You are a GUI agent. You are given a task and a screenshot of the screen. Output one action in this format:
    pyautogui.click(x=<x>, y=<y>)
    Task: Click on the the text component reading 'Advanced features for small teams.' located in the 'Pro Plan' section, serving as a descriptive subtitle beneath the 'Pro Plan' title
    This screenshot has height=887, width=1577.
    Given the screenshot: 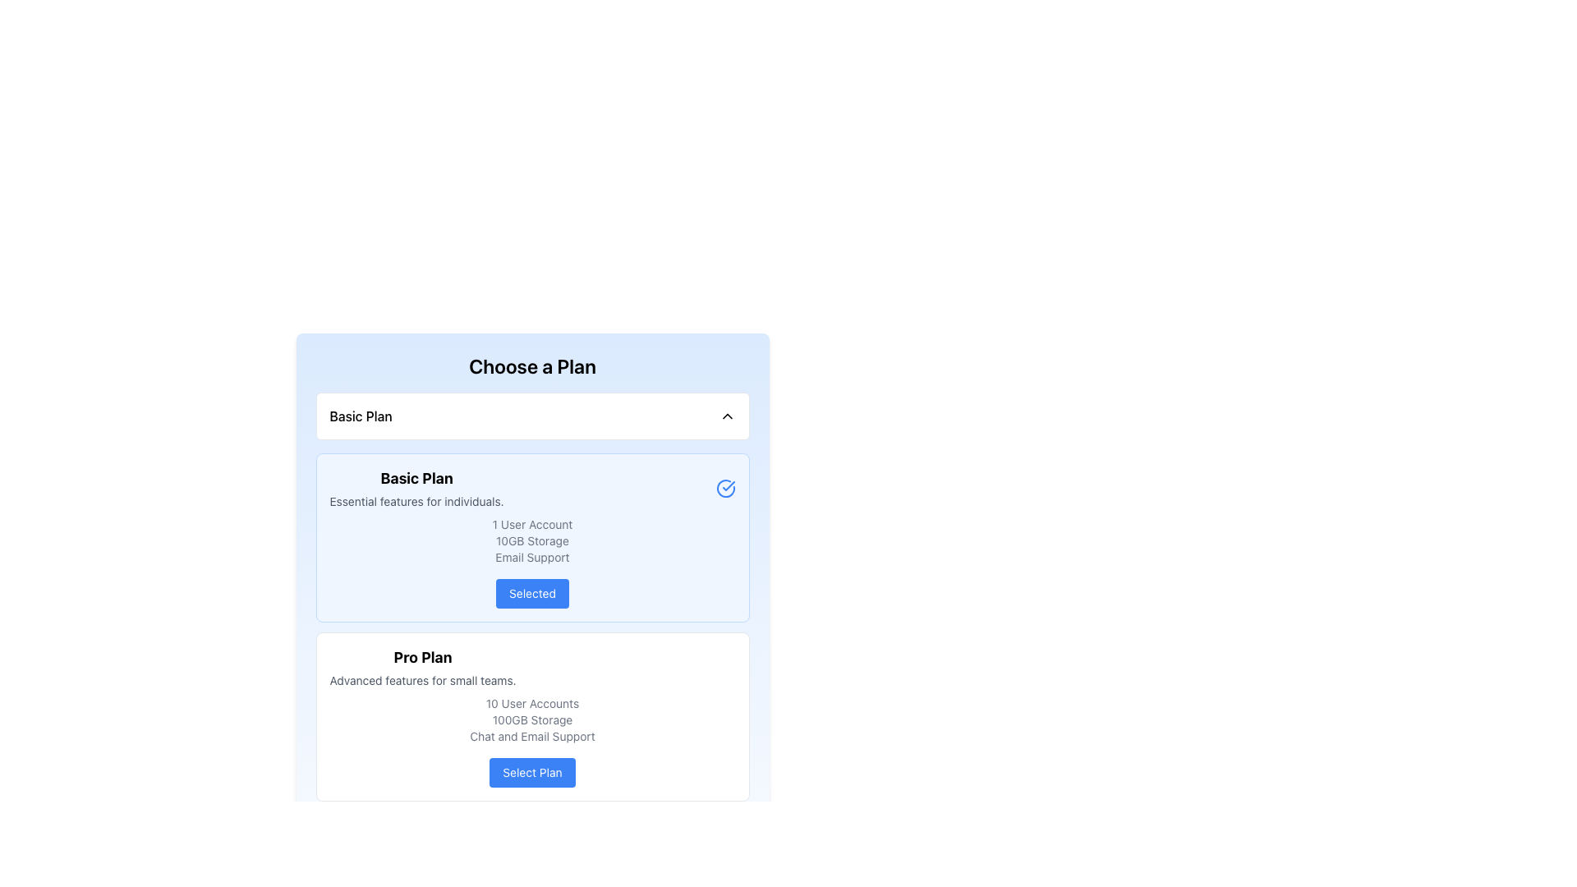 What is the action you would take?
    pyautogui.click(x=423, y=681)
    